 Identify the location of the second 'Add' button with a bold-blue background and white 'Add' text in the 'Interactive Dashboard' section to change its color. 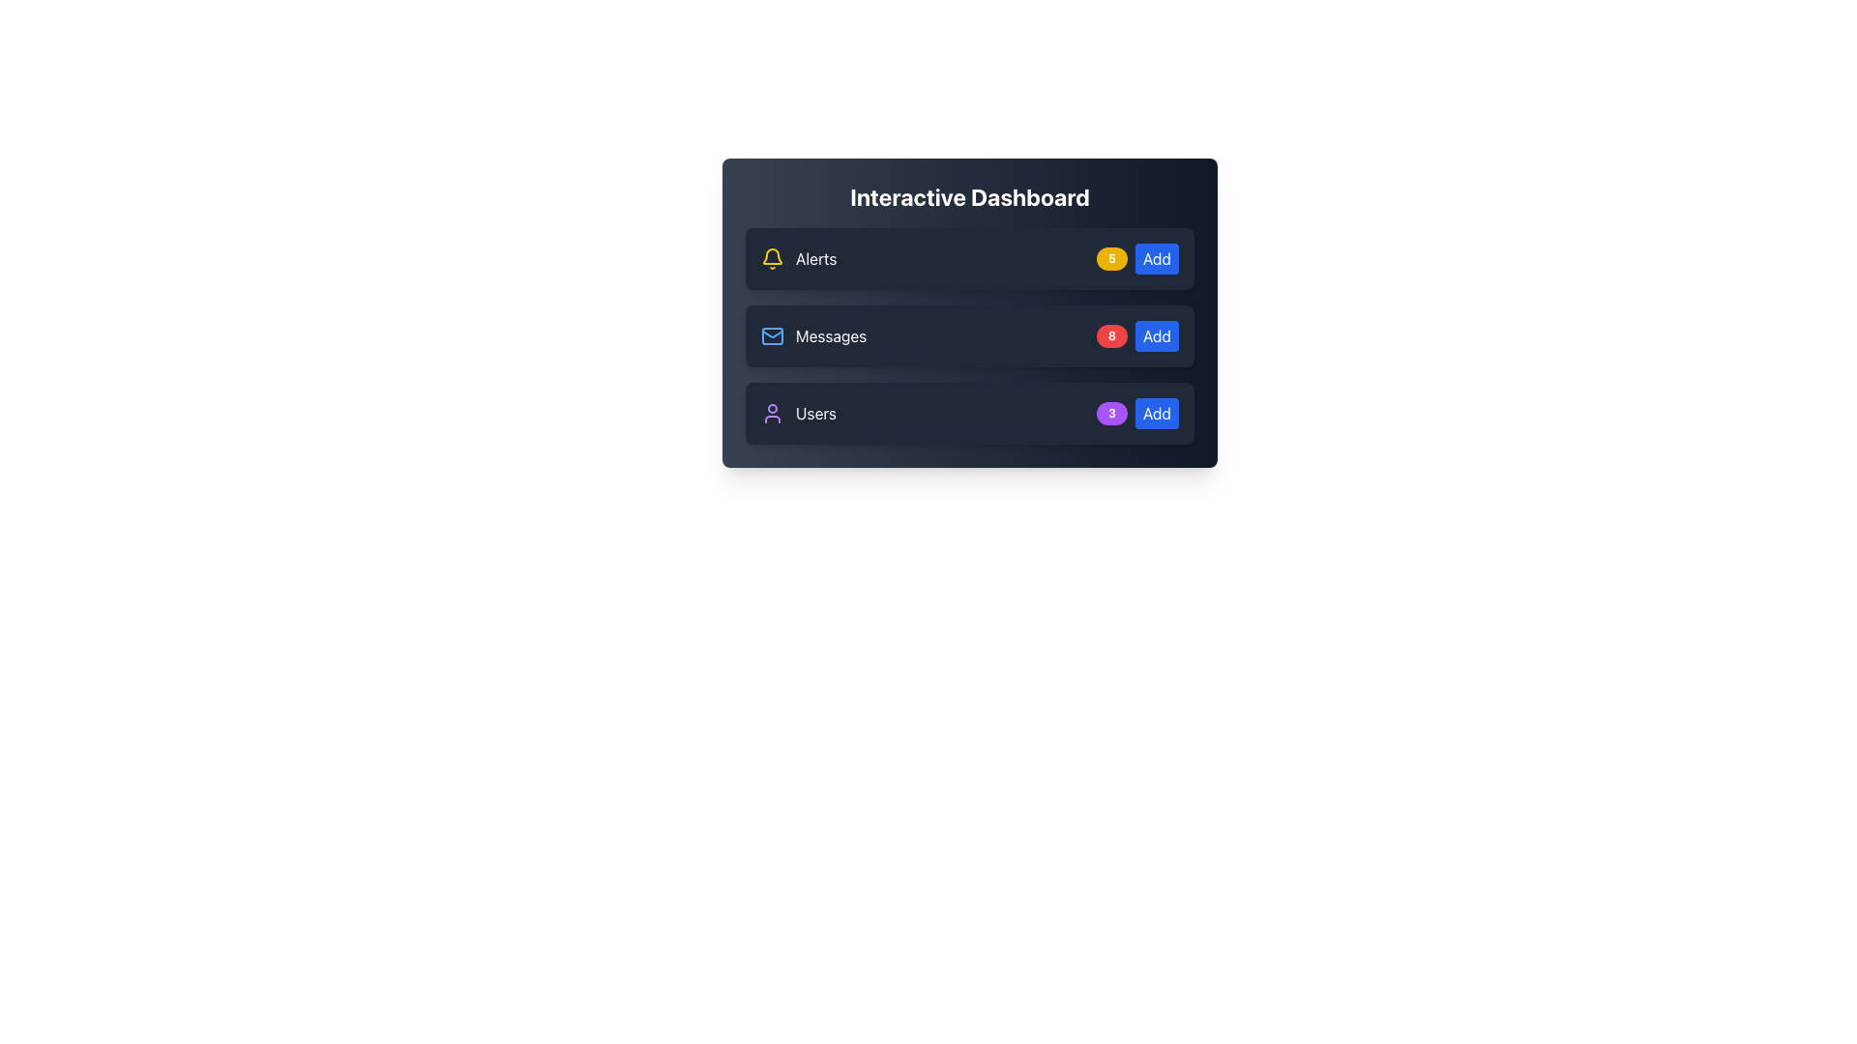
(1157, 334).